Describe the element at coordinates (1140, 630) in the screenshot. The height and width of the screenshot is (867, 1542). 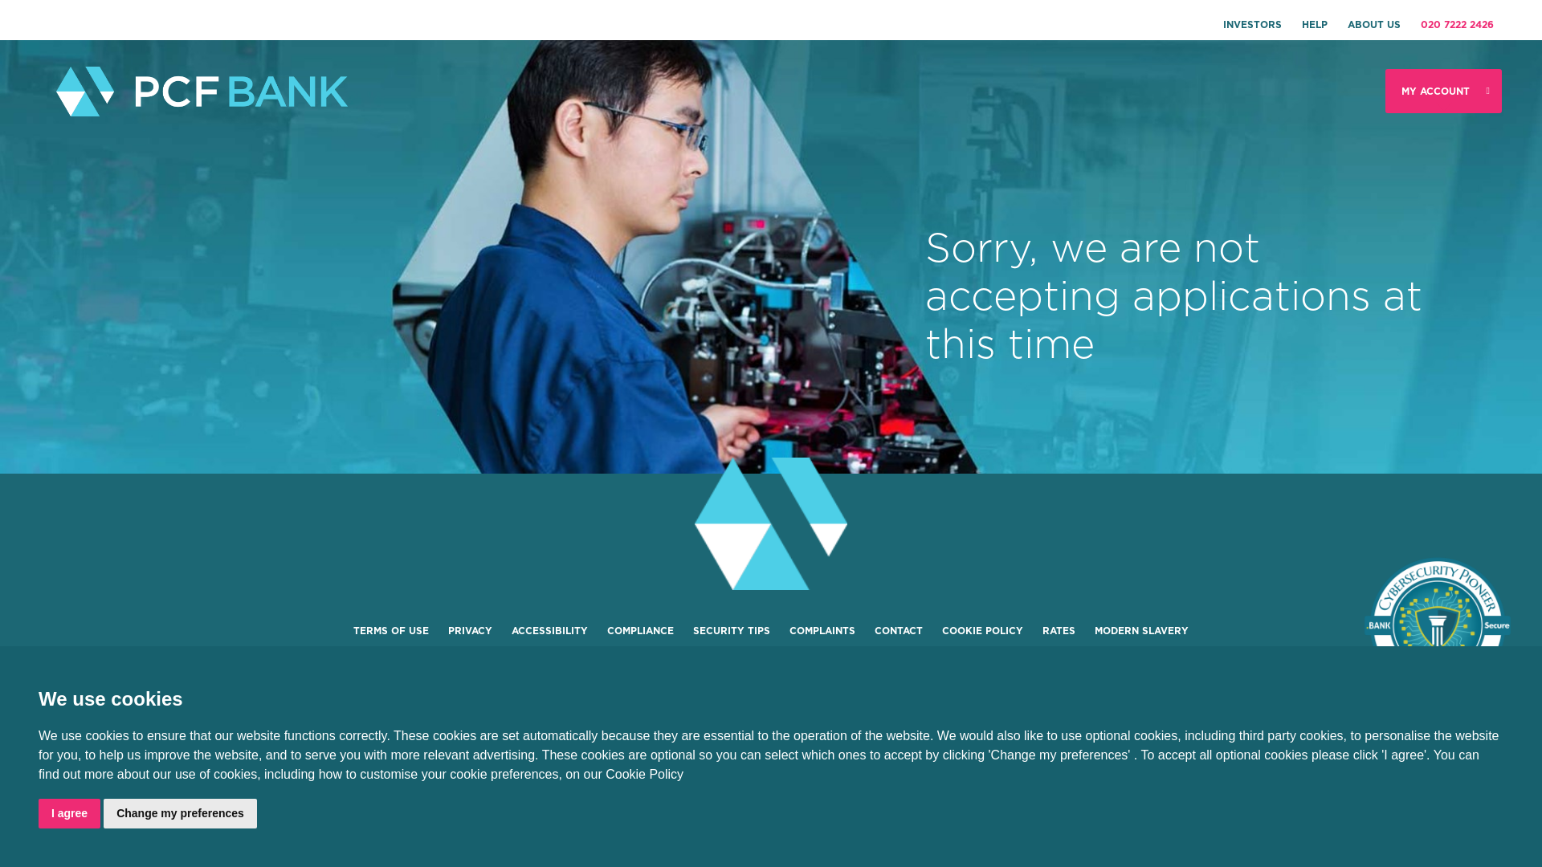
I see `'MODERN SLAVERY'` at that location.